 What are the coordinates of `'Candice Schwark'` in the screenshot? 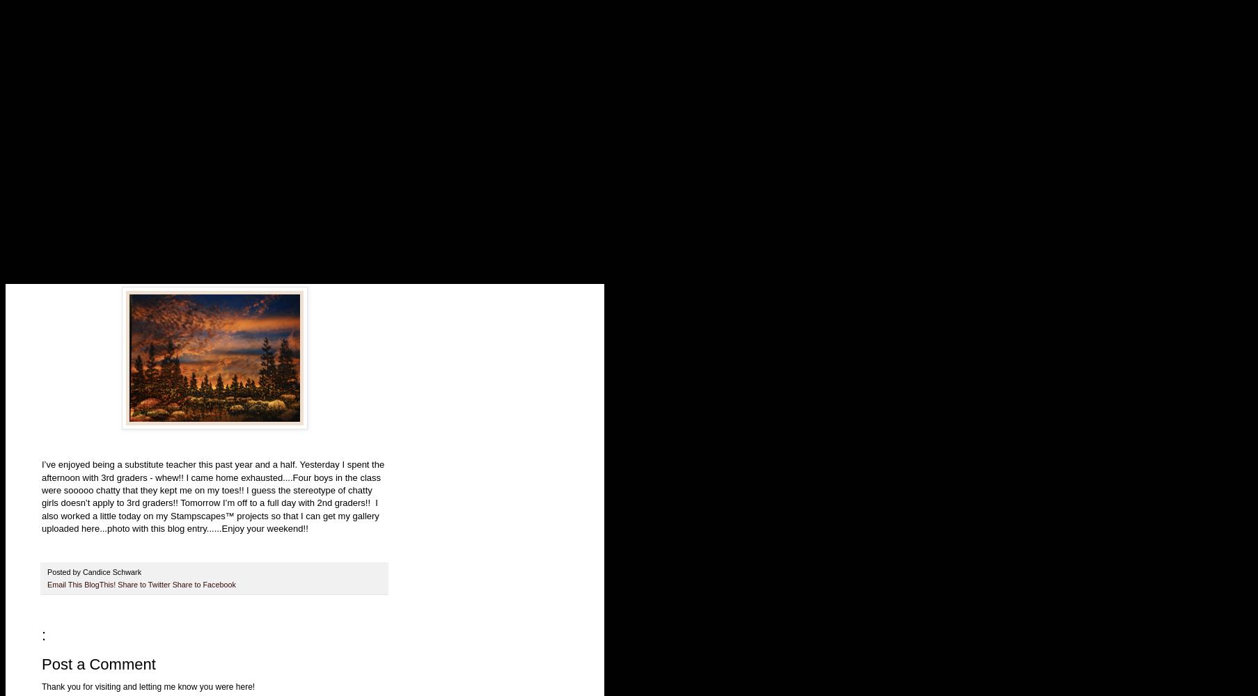 It's located at (113, 571).